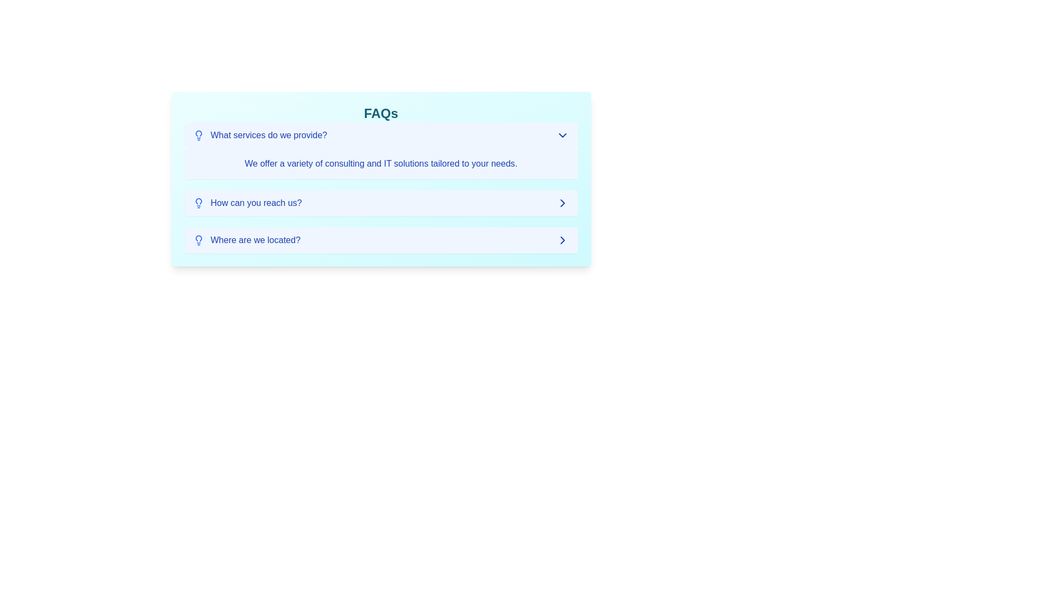 Image resolution: width=1049 pixels, height=590 pixels. Describe the element at coordinates (562, 203) in the screenshot. I see `the chevron arrow icon located to the right of the question text 'Where are we located?' in the third FAQ section` at that location.